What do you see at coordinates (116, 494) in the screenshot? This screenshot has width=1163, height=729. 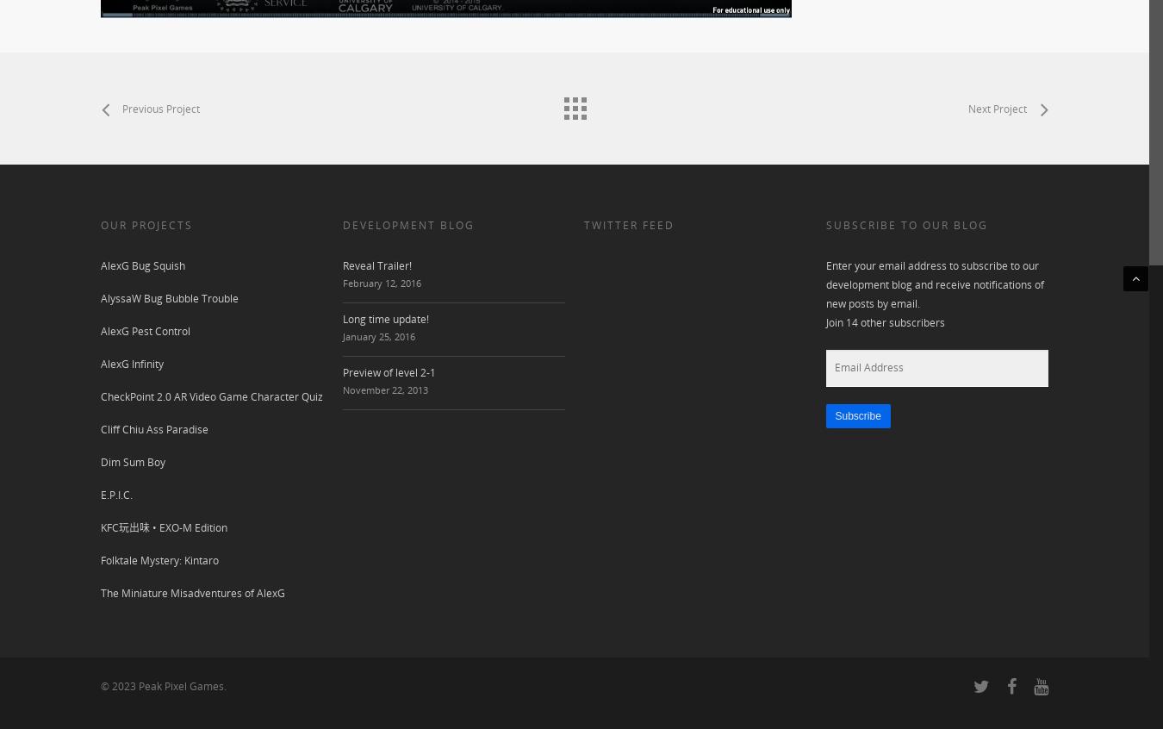 I see `'E.P.I.C.'` at bounding box center [116, 494].